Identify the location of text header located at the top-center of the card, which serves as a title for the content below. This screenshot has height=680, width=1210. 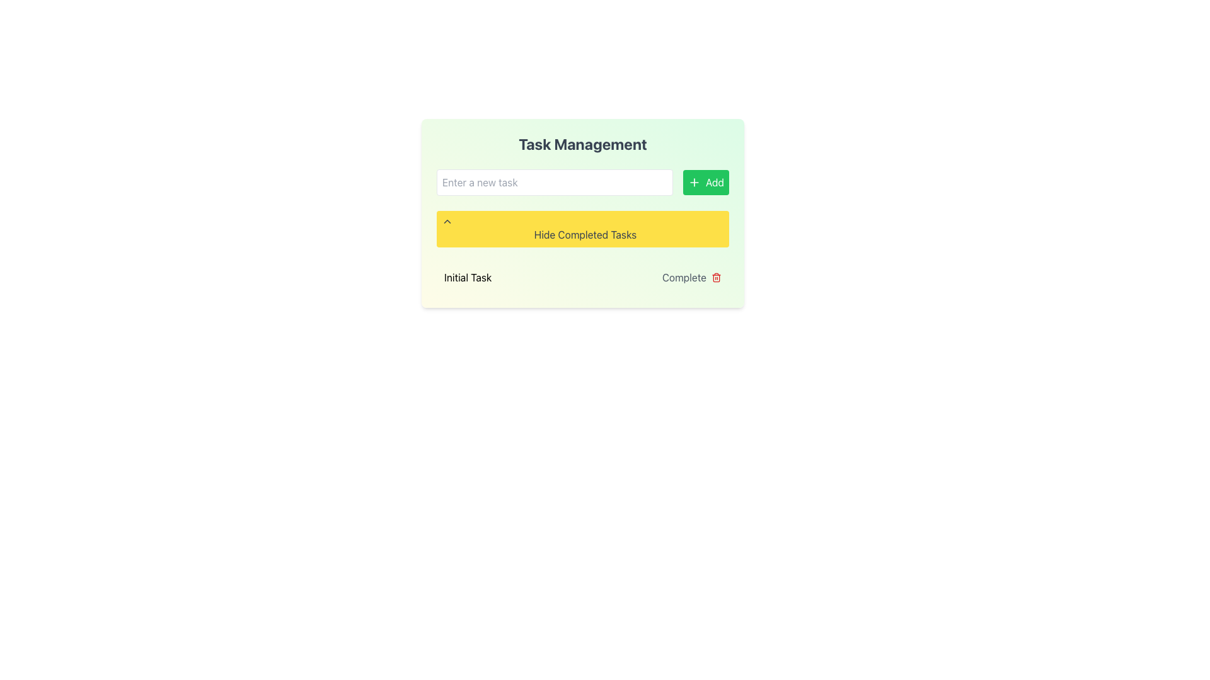
(582, 143).